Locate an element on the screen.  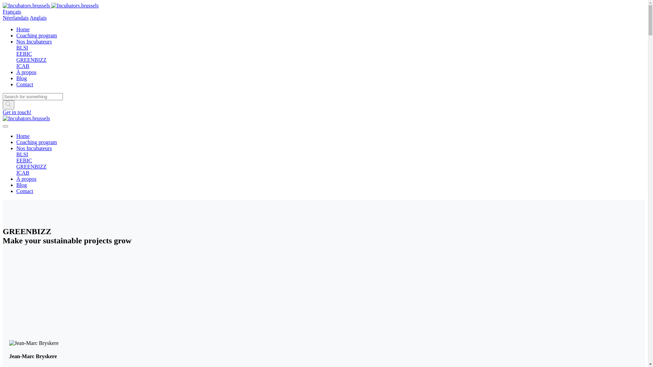
'Contact' is located at coordinates (24, 191).